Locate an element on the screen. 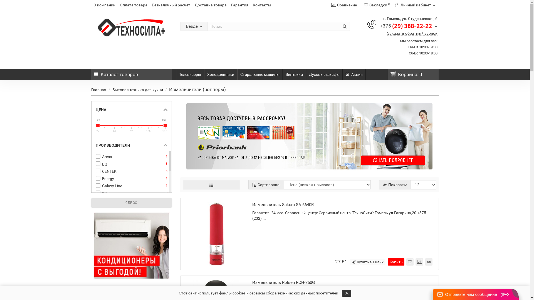  'Ok' is located at coordinates (346, 293).